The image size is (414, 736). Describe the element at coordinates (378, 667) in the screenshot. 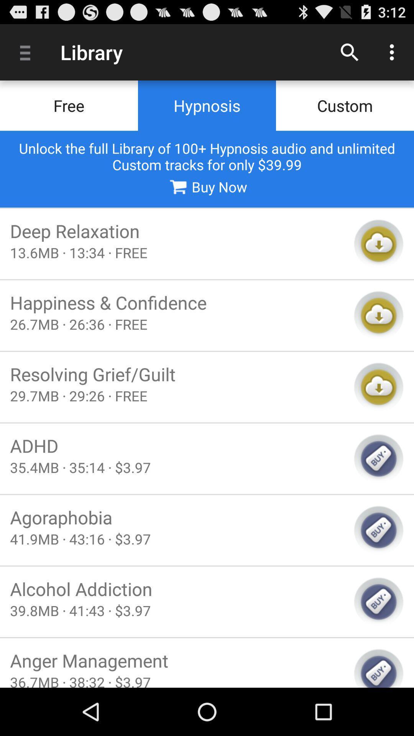

I see `buy anger management book` at that location.